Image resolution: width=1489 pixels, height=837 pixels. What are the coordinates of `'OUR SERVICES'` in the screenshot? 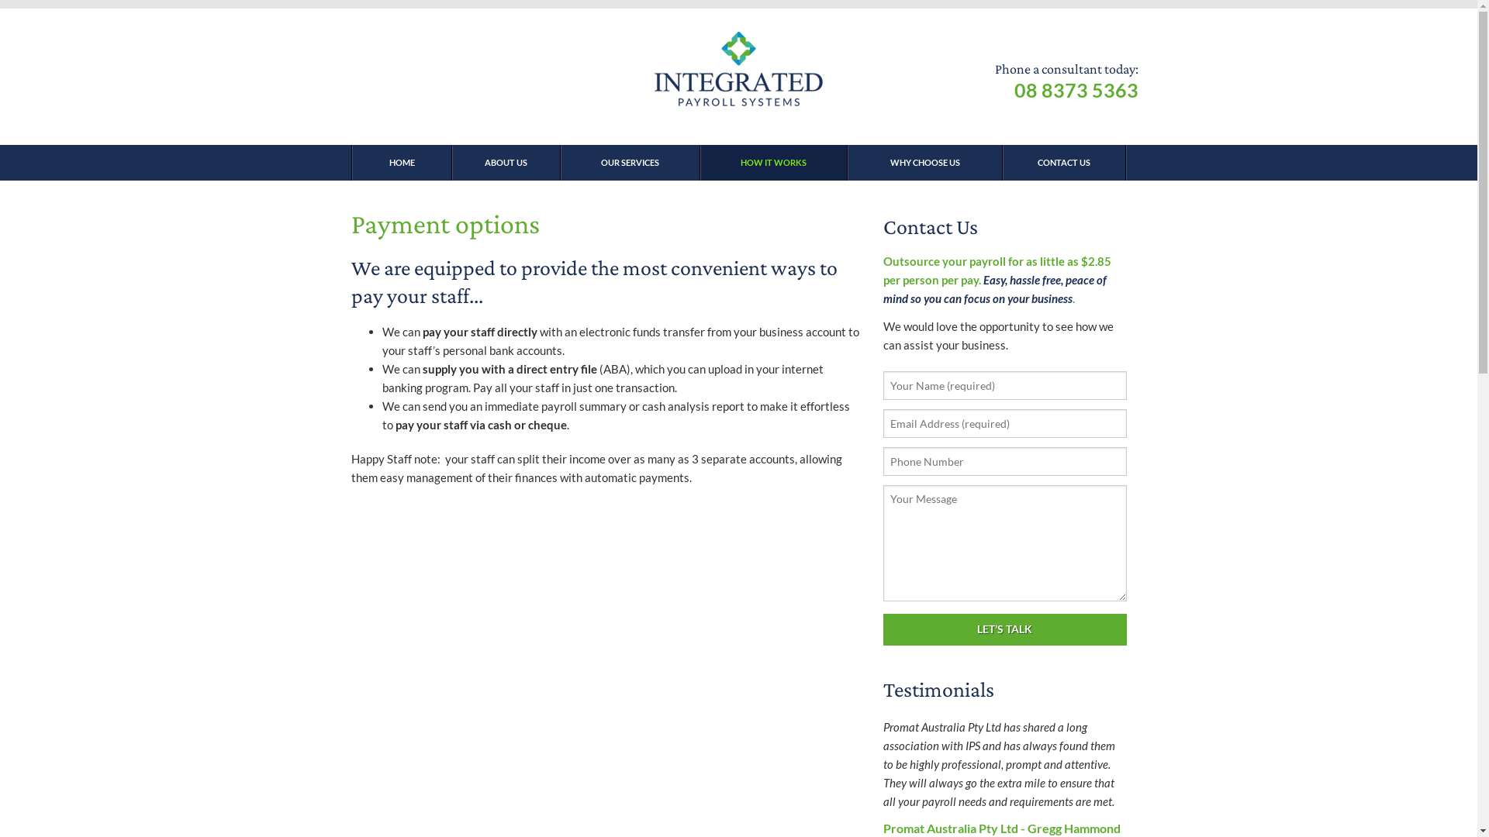 It's located at (558, 162).